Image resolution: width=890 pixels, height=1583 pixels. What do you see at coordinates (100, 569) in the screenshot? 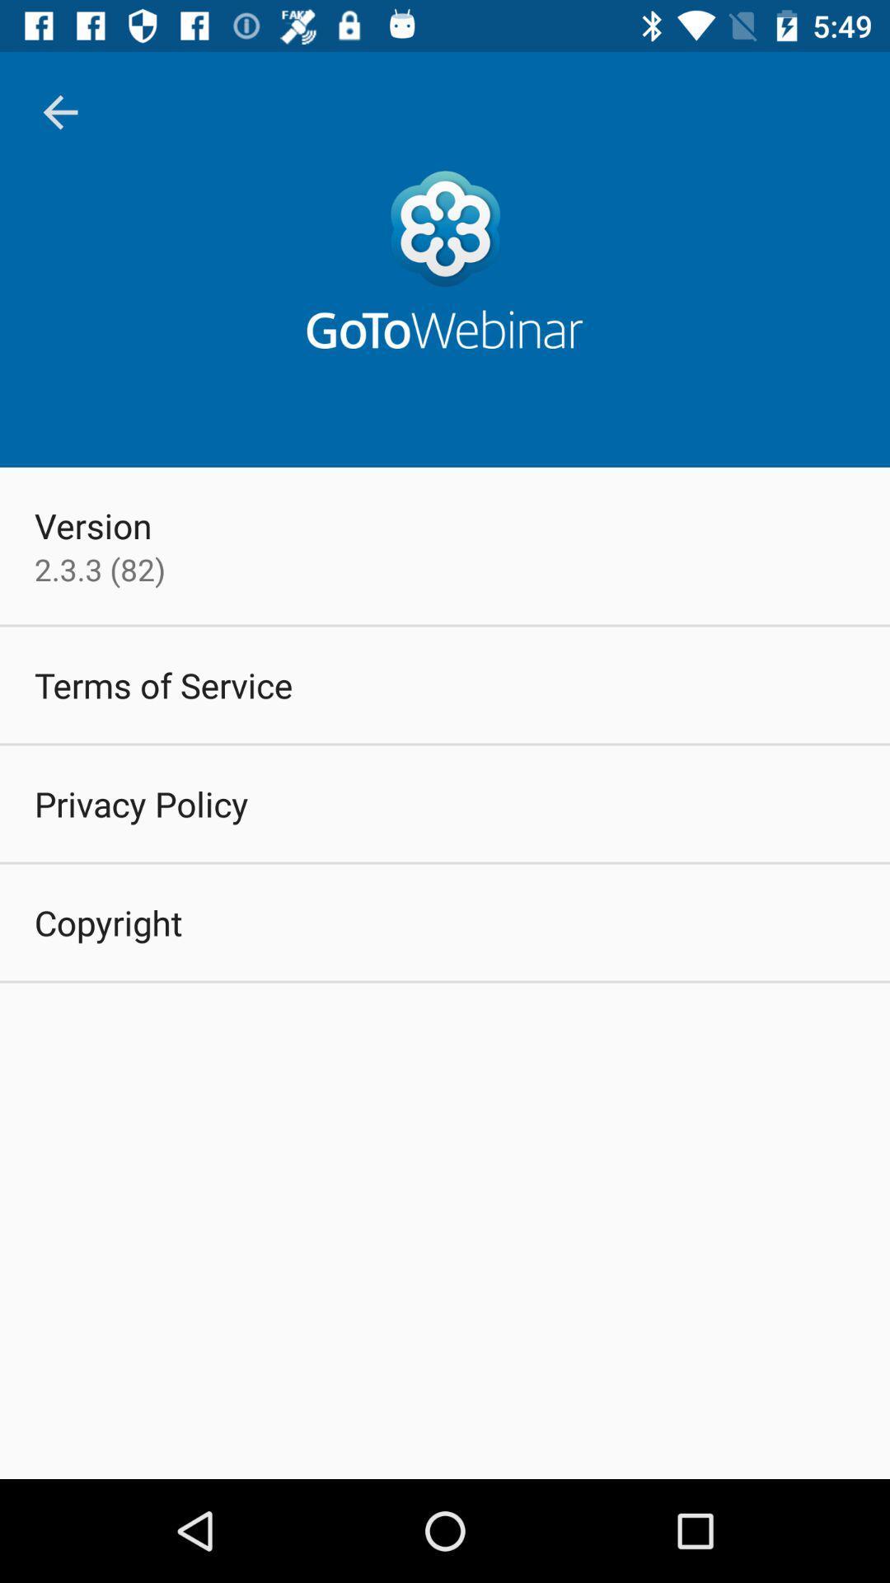
I see `item above the terms of service item` at bounding box center [100, 569].